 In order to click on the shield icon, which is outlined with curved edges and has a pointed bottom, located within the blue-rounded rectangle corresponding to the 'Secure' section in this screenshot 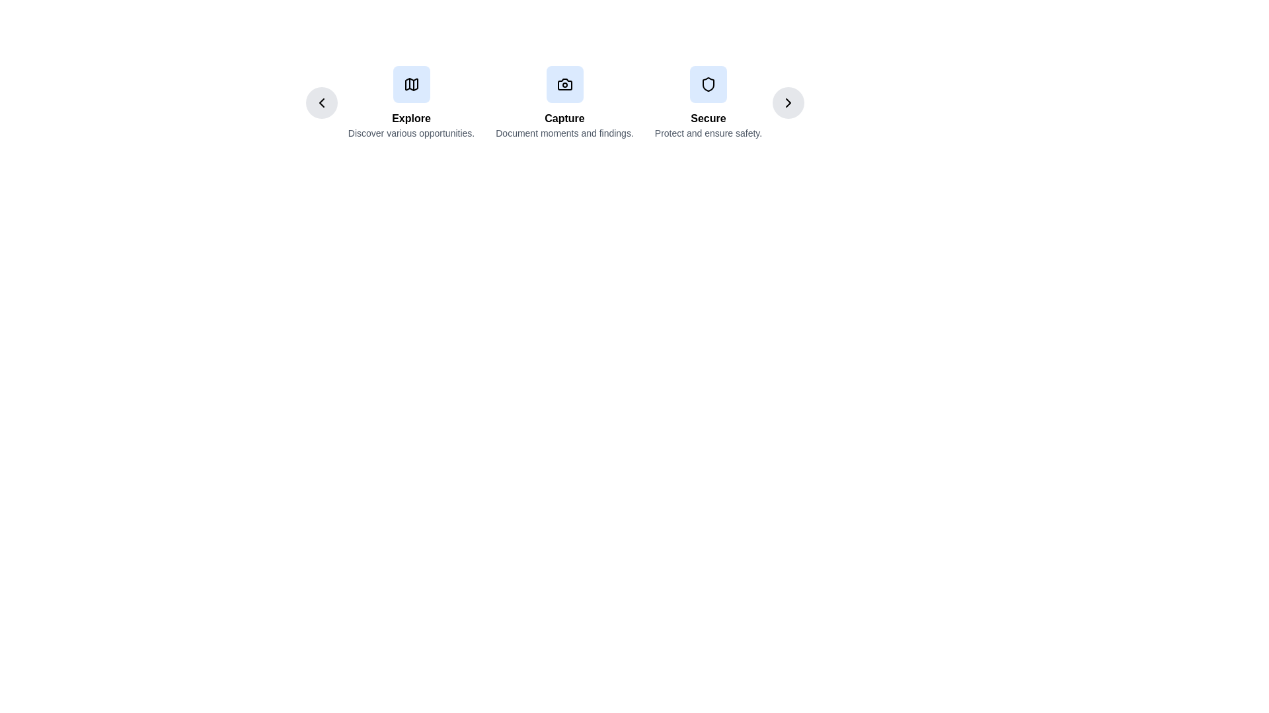, I will do `click(707, 84)`.